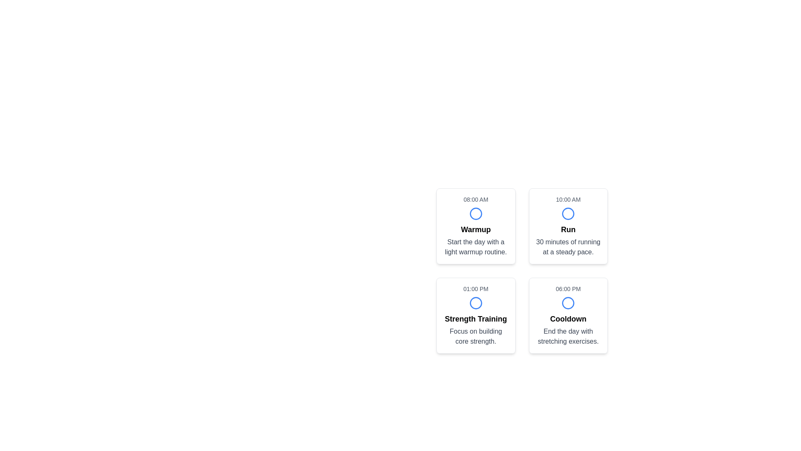 Image resolution: width=801 pixels, height=451 pixels. Describe the element at coordinates (568, 316) in the screenshot. I see `the Card UI component located at the bottom-right corner of the grid layout, which features rounded corners, a light border, and contains a time, icon, bold title, and description` at that location.